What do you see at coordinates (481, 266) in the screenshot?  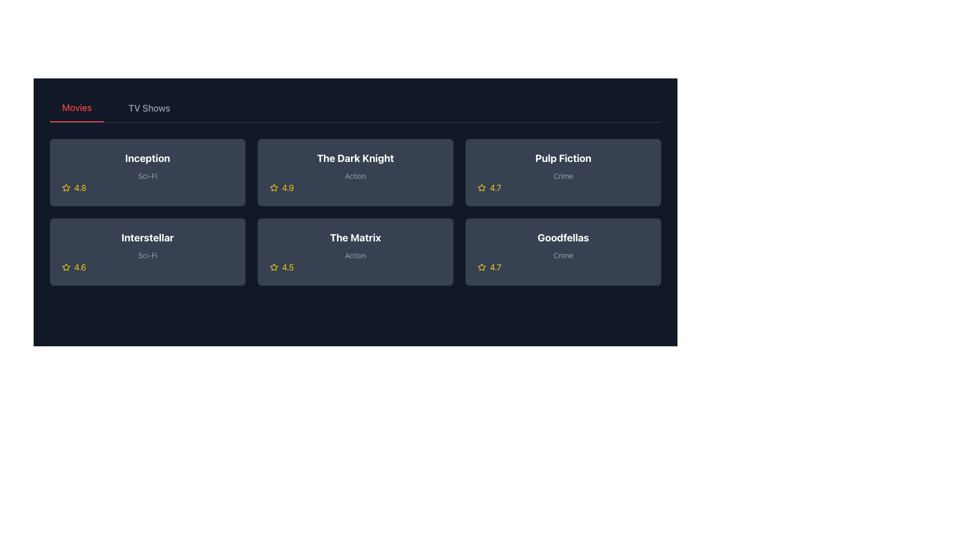 I see `the star-shaped rating icon with a yellow outline located at the bottom-left corner of the 'Goodfellas' movie card` at bounding box center [481, 266].